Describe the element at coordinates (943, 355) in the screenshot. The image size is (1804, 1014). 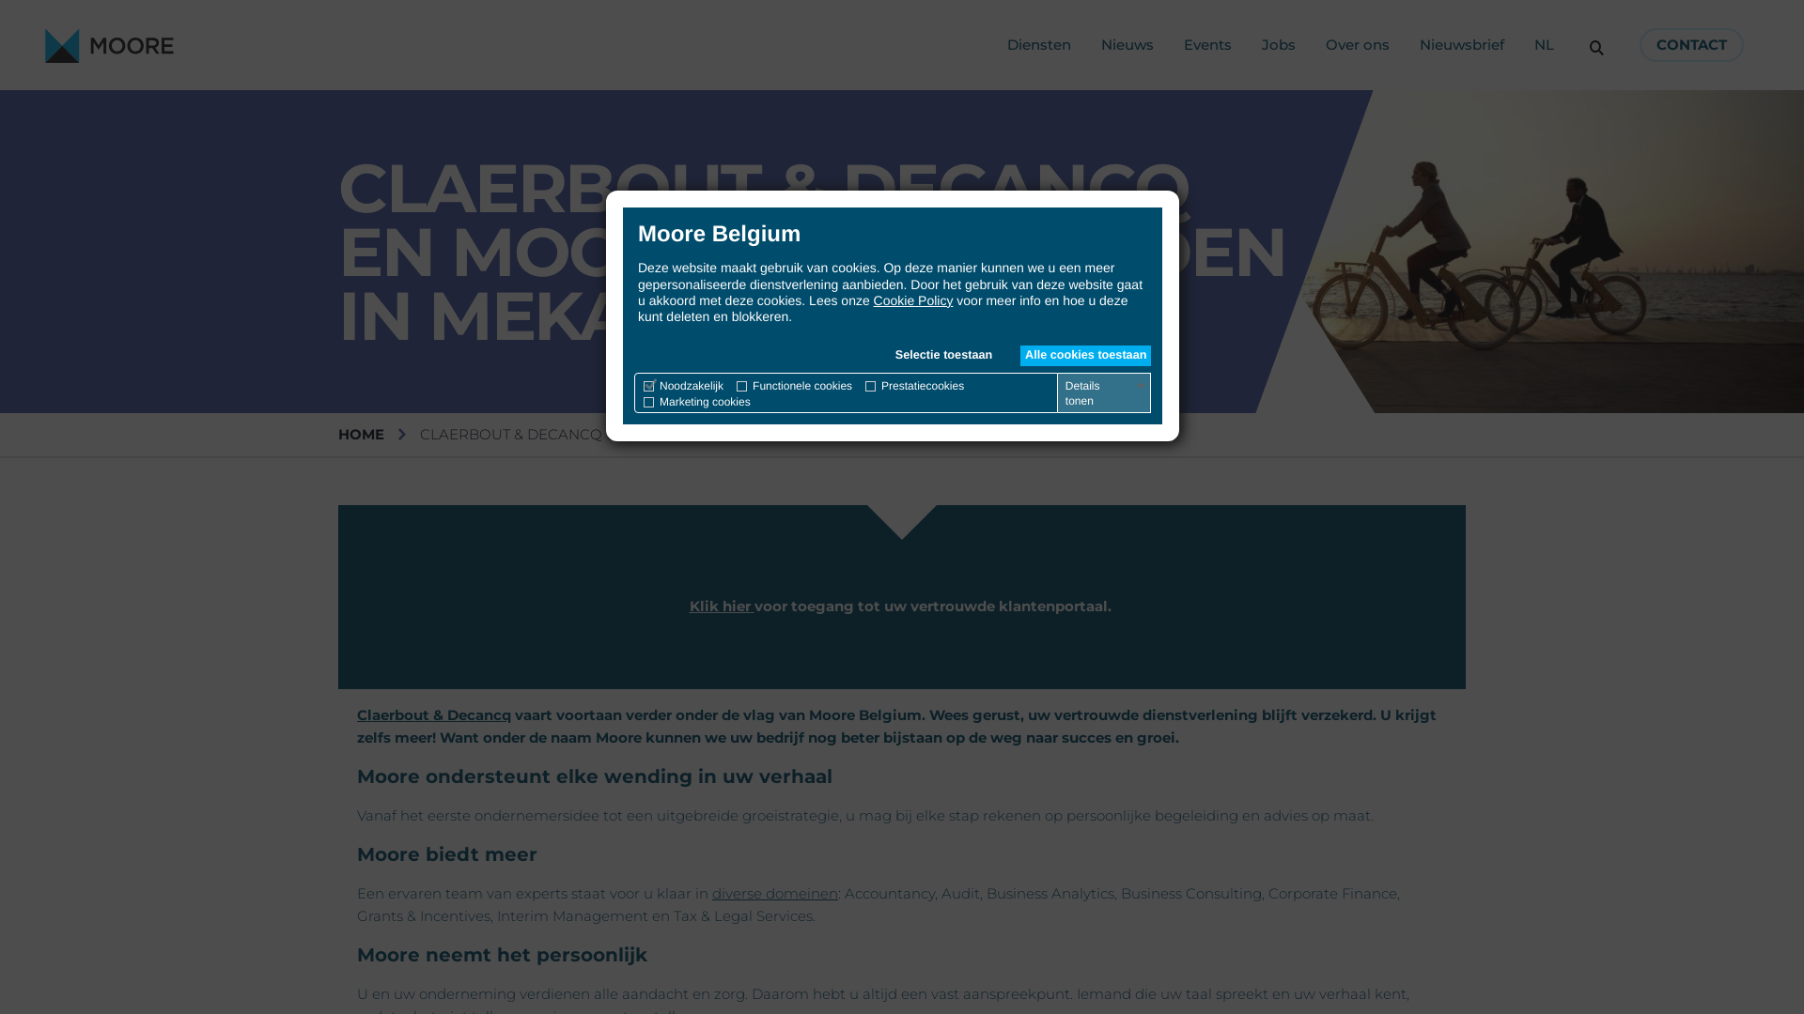
I see `'Selectie toestaan'` at that location.